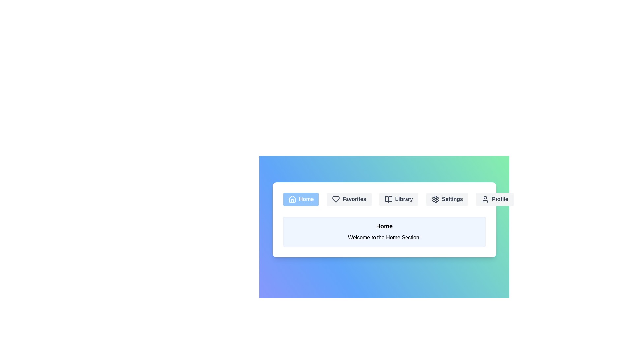 The image size is (633, 356). I want to click on the 'Profile' text element located in the top-right section of the horizontal navigation bar, so click(500, 199).